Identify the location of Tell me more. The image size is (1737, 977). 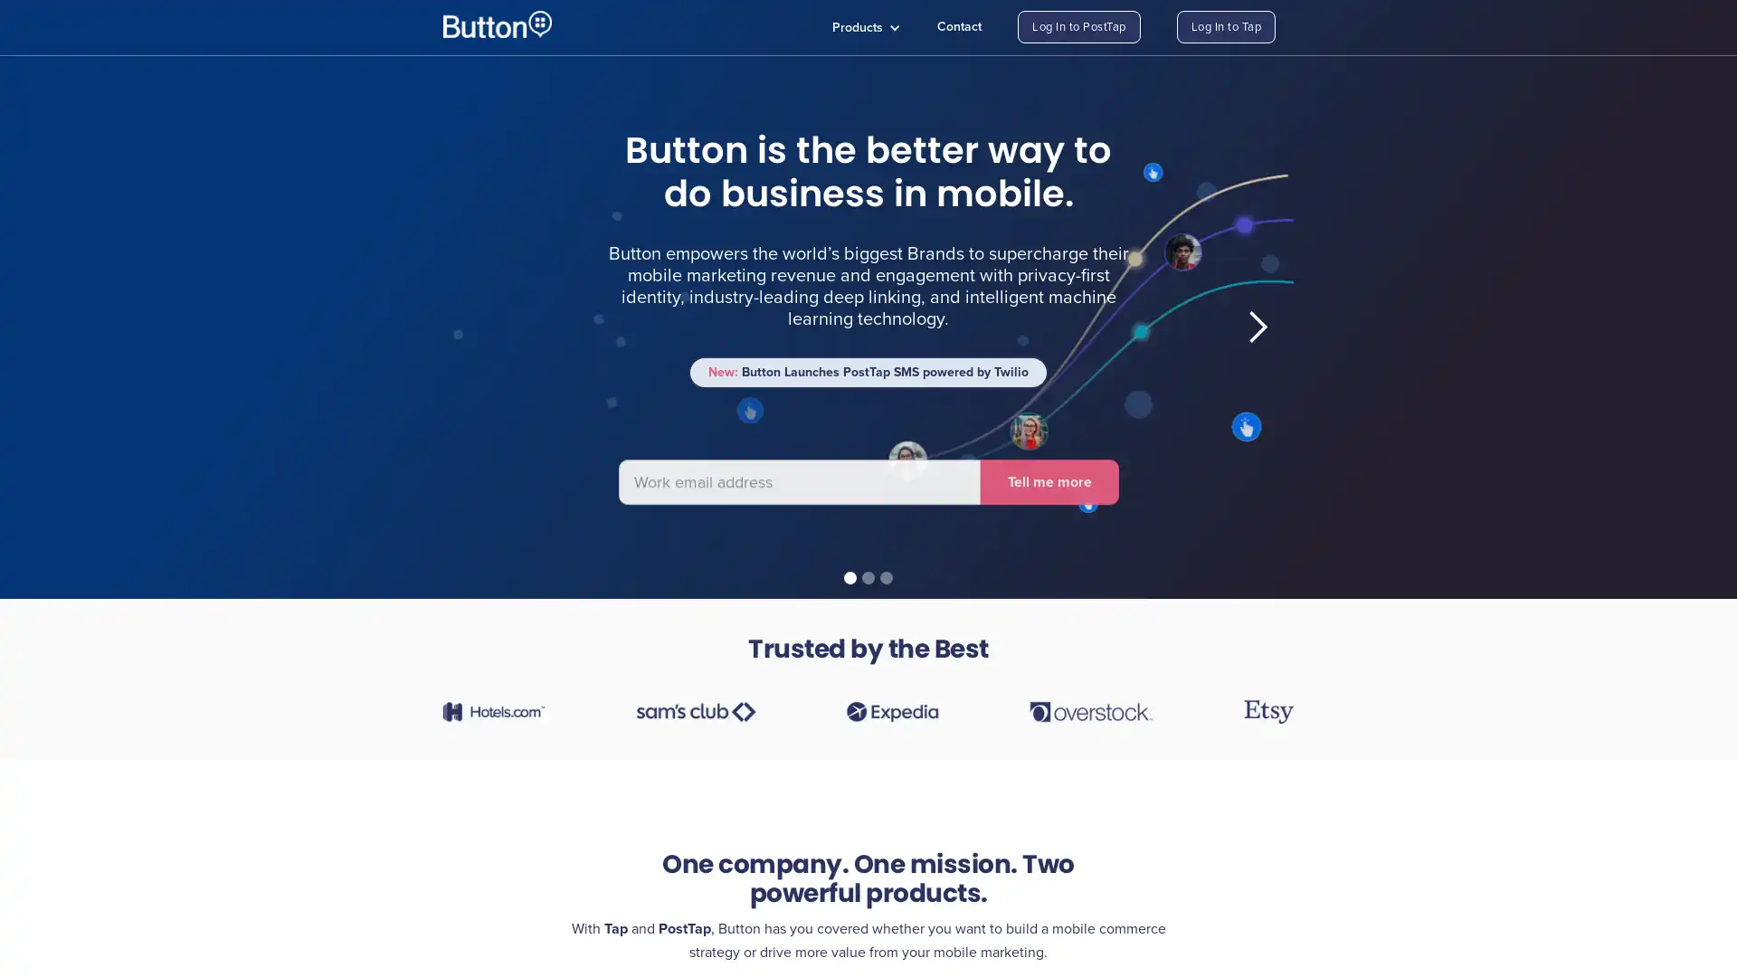
(667, 460).